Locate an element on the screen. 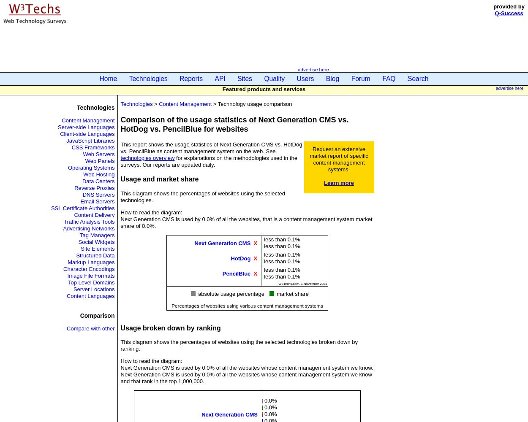  'SSL Certificate Authorities' is located at coordinates (82, 207).